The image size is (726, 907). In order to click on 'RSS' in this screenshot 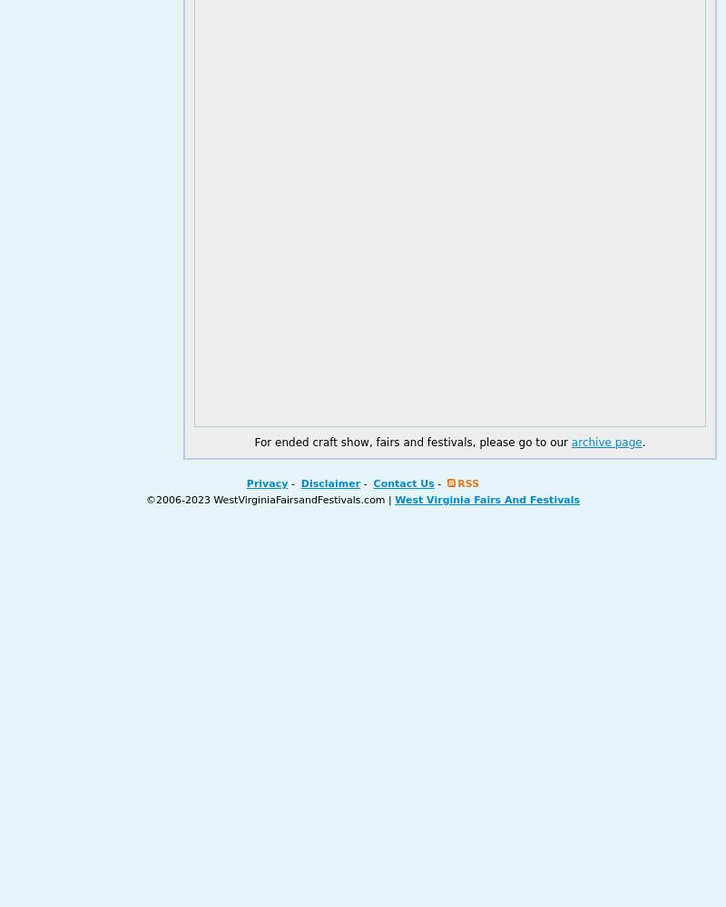, I will do `click(467, 483)`.